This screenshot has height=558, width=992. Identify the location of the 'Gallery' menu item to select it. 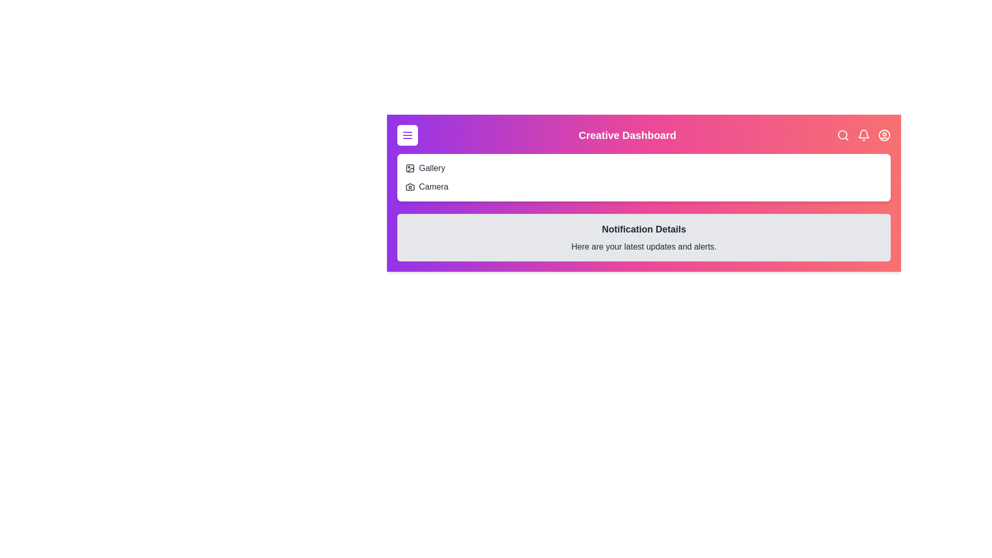
(431, 168).